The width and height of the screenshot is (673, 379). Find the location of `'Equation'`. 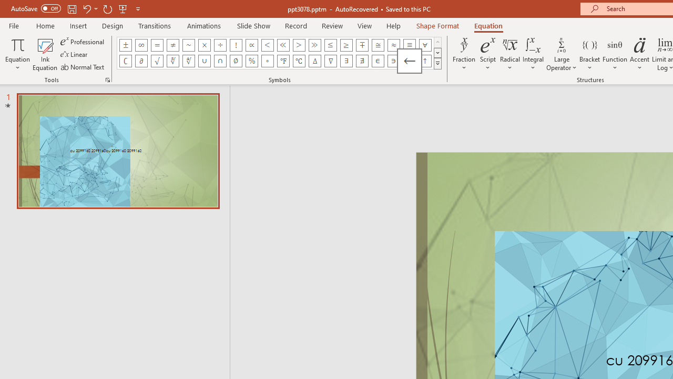

'Equation' is located at coordinates (17, 54).